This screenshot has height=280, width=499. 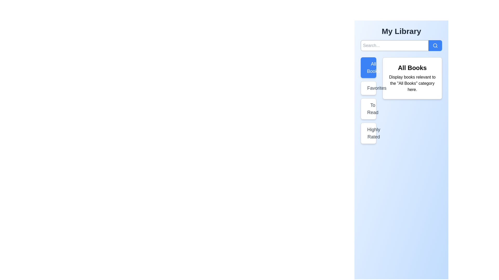 What do you see at coordinates (435, 45) in the screenshot?
I see `the search icon represented by a magnifying glass symbol, styled in white with a blue circular background, located in the top-right portion of the interface for keyboard navigation` at bounding box center [435, 45].